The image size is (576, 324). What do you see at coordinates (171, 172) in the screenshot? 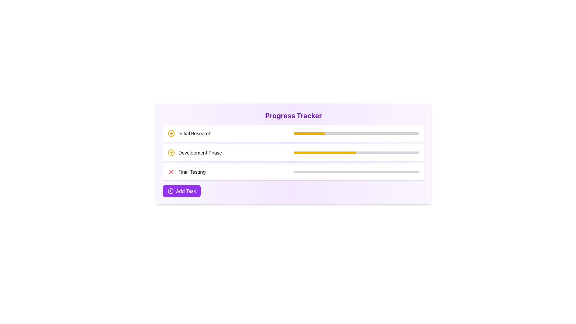
I see `the completion status icon located to the left of the 'Final Testing' task entry` at bounding box center [171, 172].